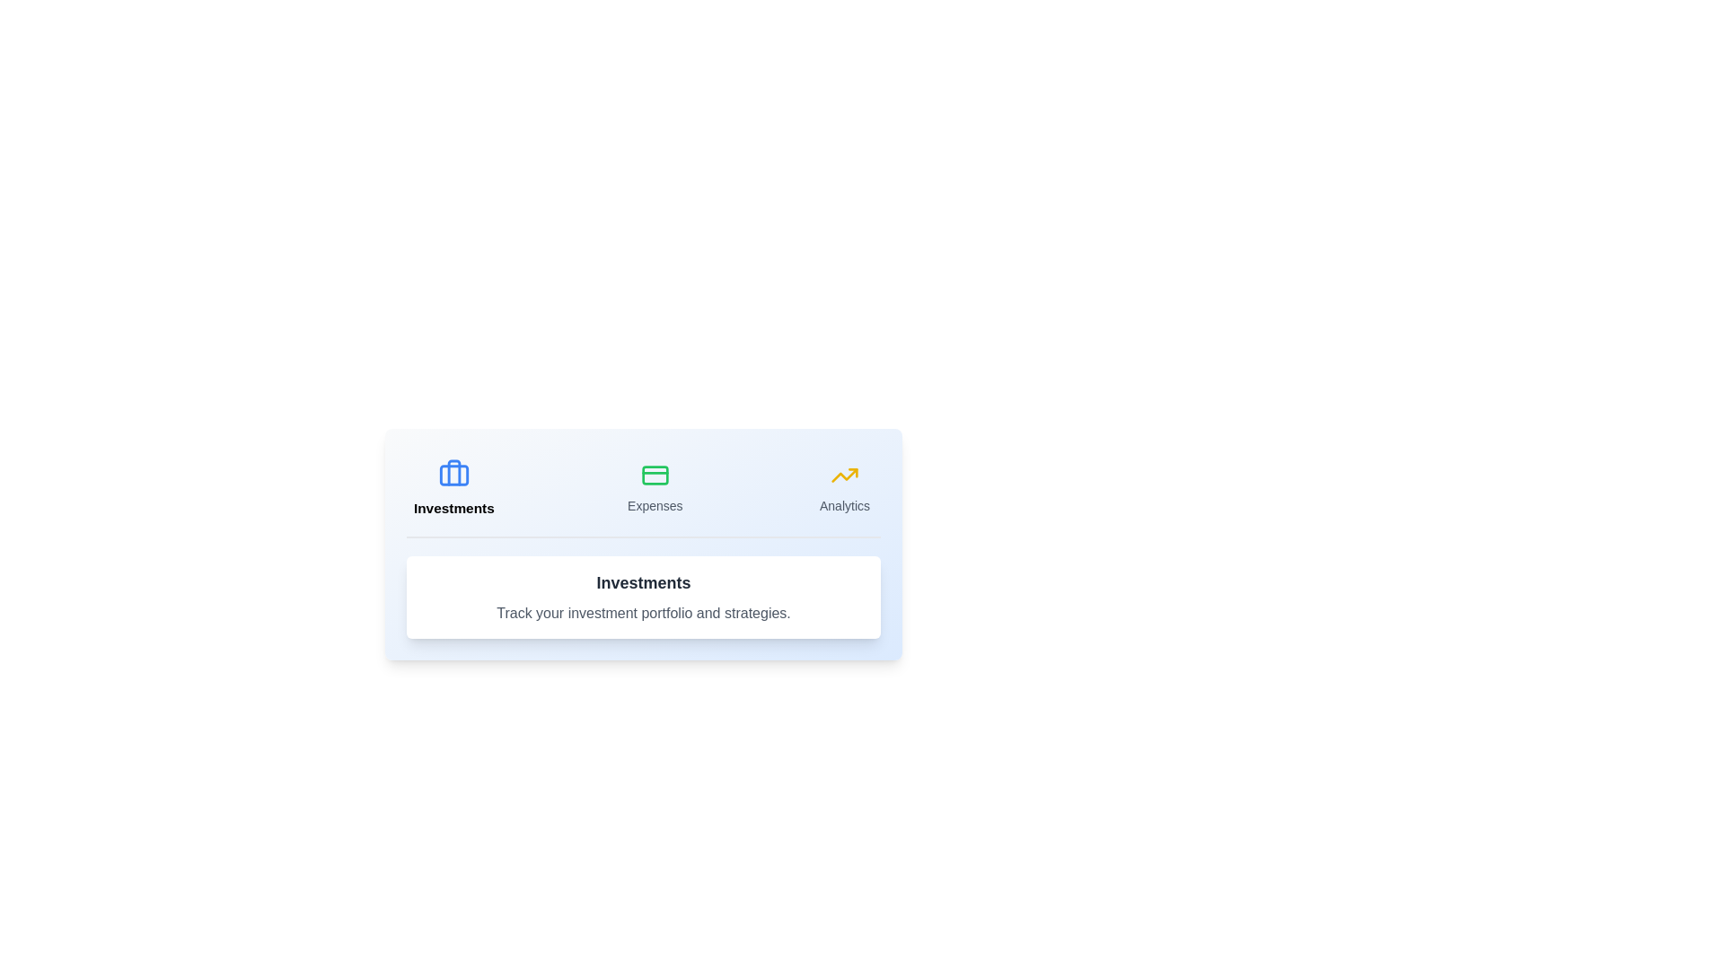 This screenshot has height=969, width=1724. What do you see at coordinates (654, 487) in the screenshot?
I see `the Expenses tab to view its content` at bounding box center [654, 487].